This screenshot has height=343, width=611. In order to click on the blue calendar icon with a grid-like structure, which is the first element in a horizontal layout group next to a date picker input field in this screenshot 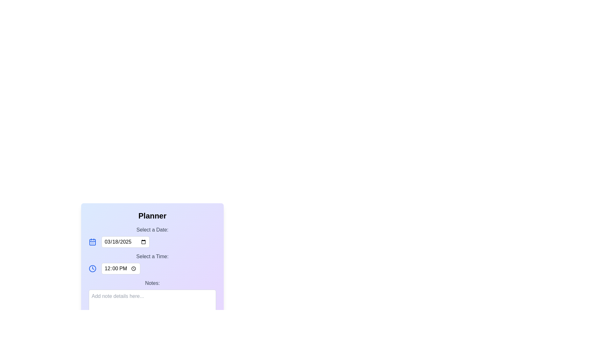, I will do `click(92, 242)`.